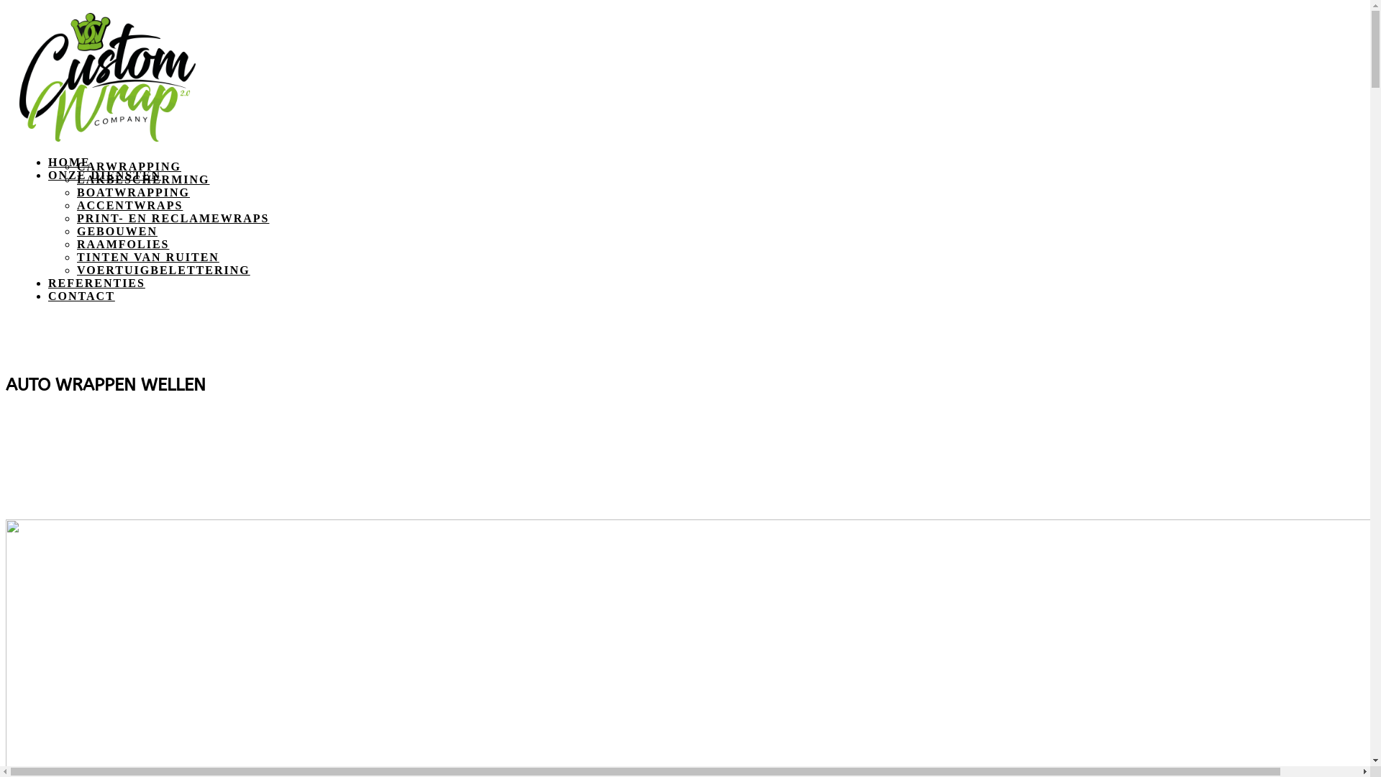  Describe the element at coordinates (163, 270) in the screenshot. I see `'VOERTUIGBELETTERING'` at that location.